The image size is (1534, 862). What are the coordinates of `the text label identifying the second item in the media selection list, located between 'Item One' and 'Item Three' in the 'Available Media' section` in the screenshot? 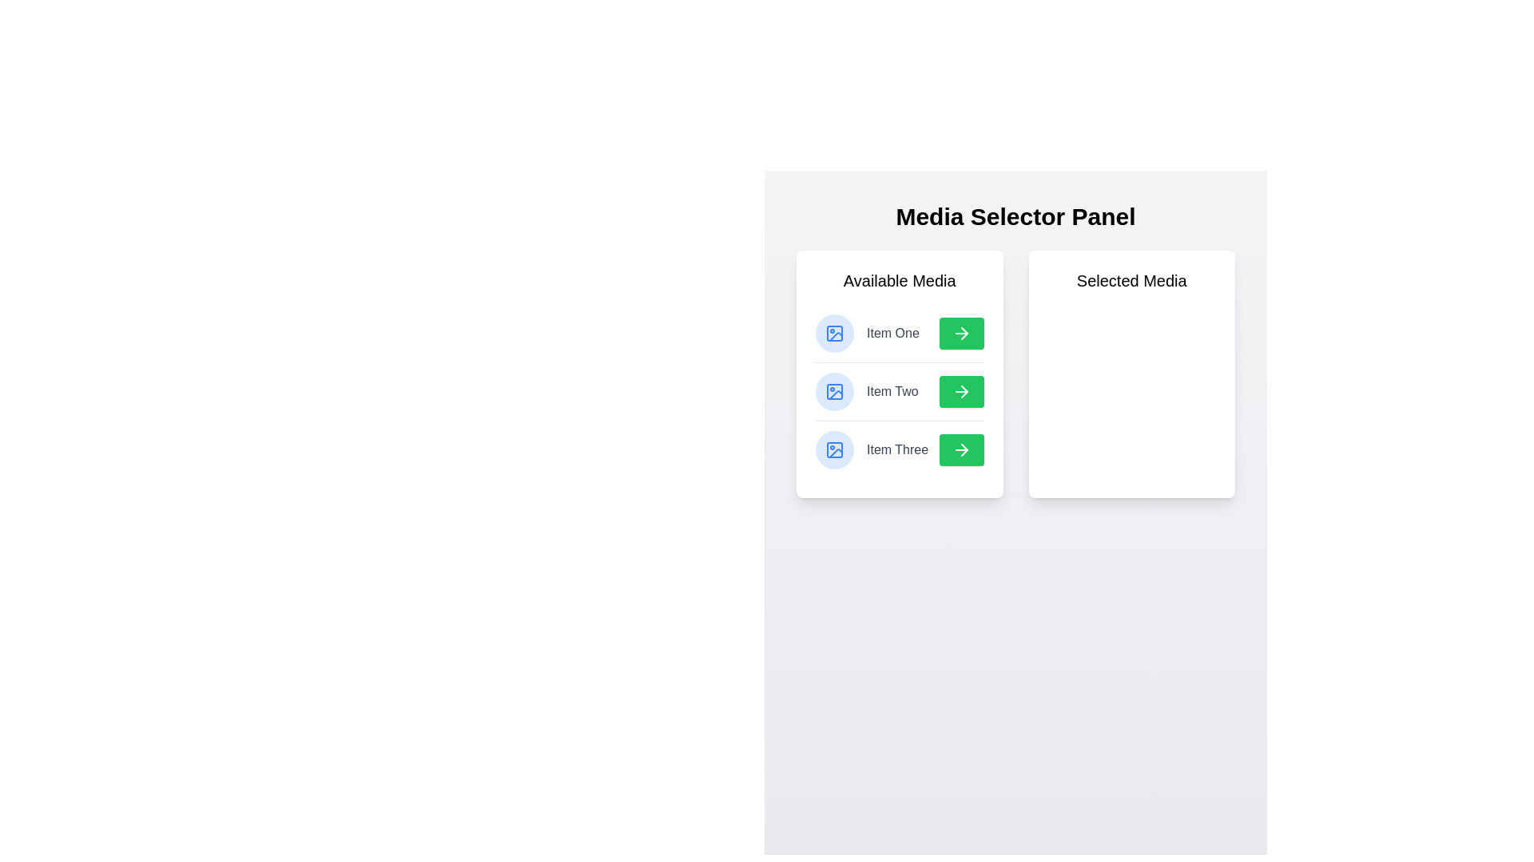 It's located at (892, 391).